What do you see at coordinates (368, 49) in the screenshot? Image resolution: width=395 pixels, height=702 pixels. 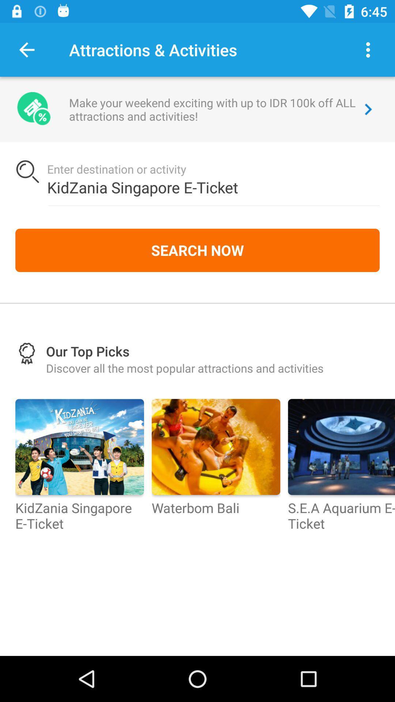 I see `click option symbol` at bounding box center [368, 49].